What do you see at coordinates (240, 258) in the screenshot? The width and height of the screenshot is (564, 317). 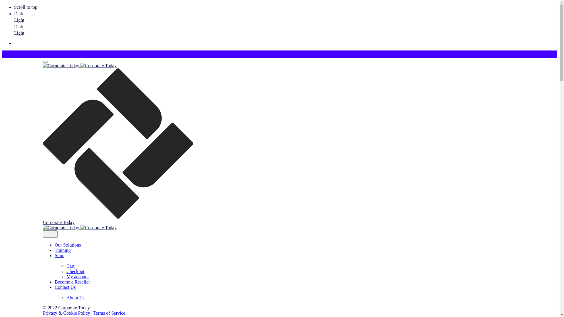 I see `'Shop'` at bounding box center [240, 258].